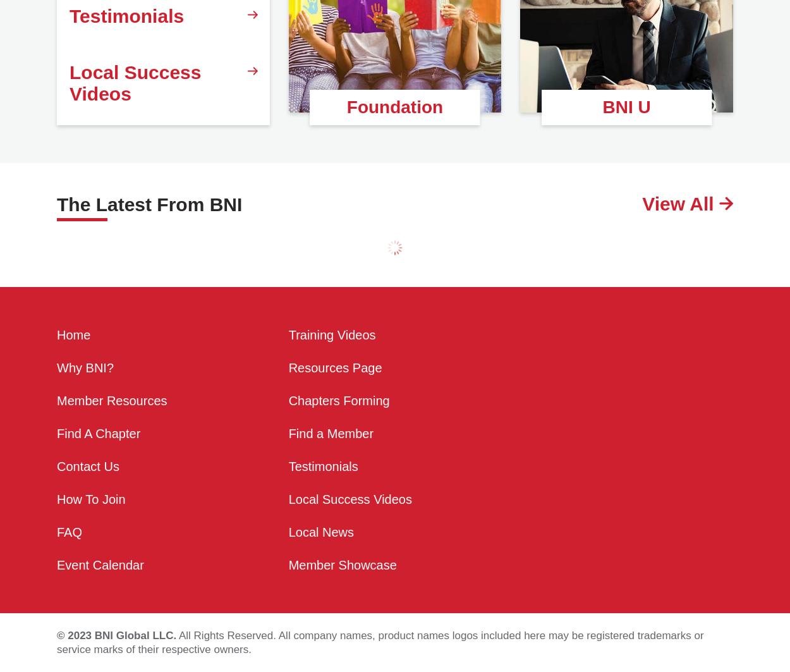 Image resolution: width=790 pixels, height=672 pixels. I want to click on 'Wed, 03 May 2023', so click(404, 339).